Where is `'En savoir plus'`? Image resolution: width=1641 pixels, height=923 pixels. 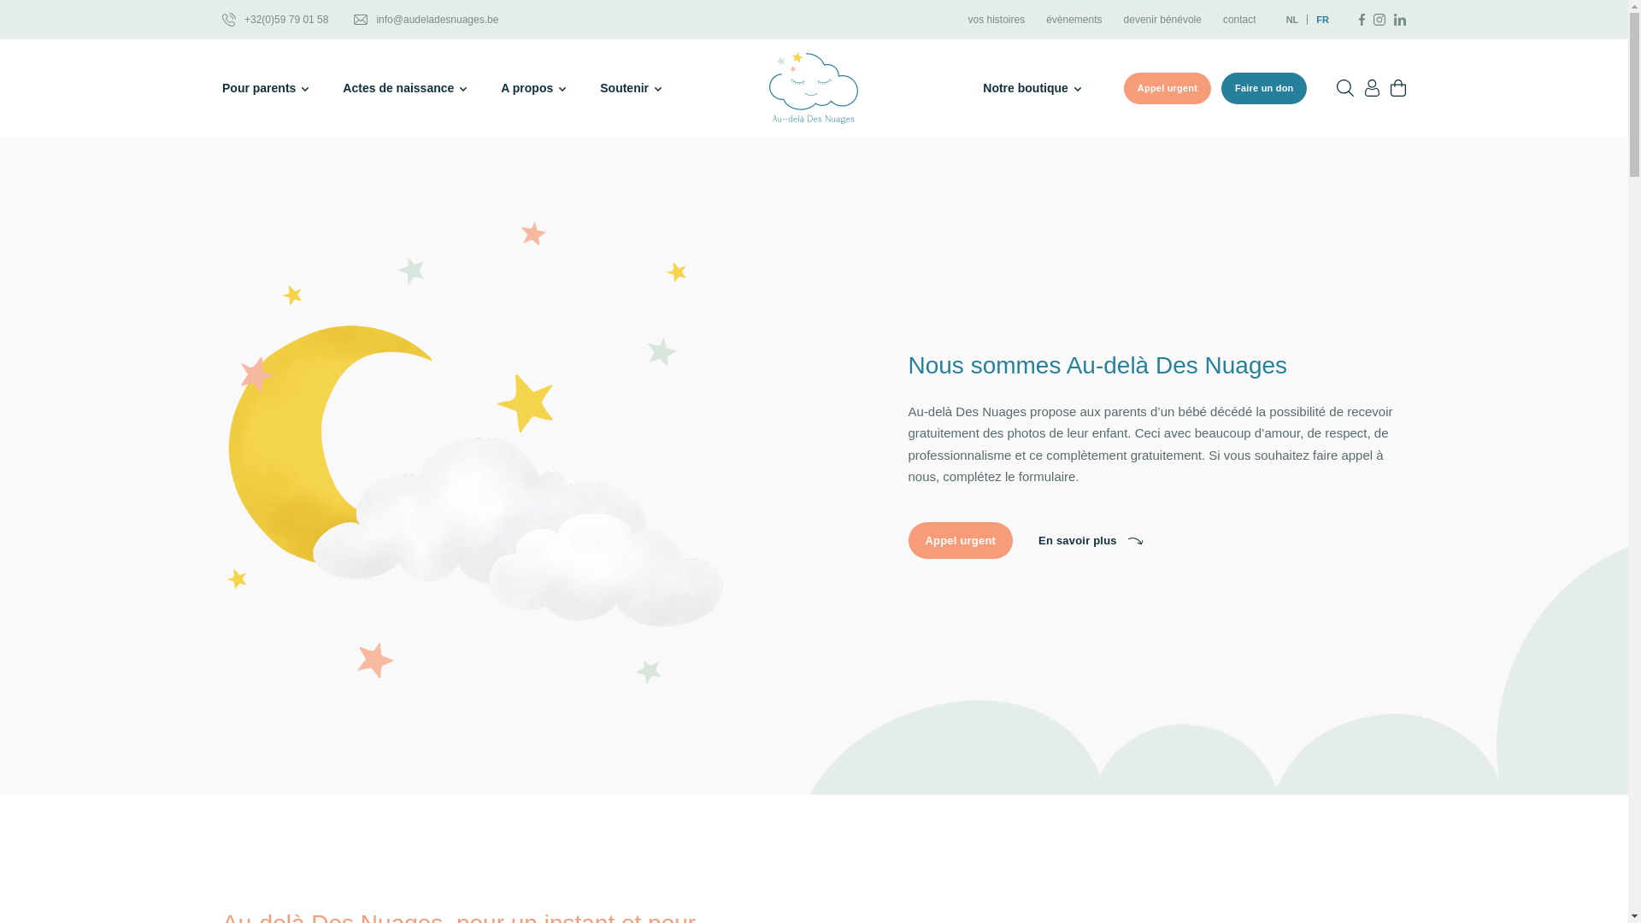 'En savoir plus' is located at coordinates (1090, 540).